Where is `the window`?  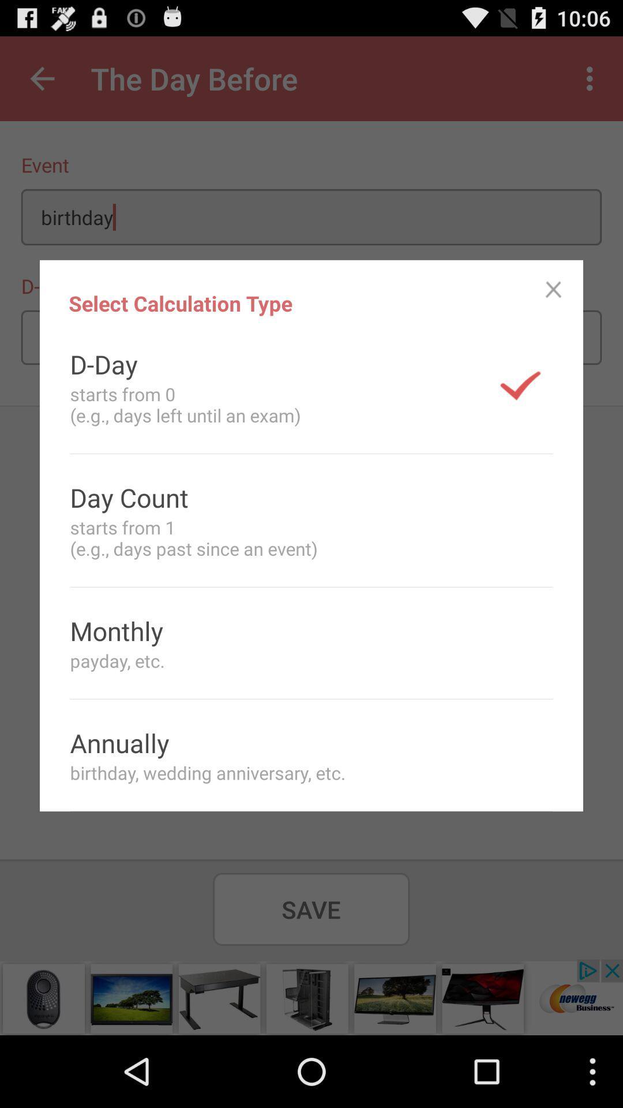
the window is located at coordinates (553, 290).